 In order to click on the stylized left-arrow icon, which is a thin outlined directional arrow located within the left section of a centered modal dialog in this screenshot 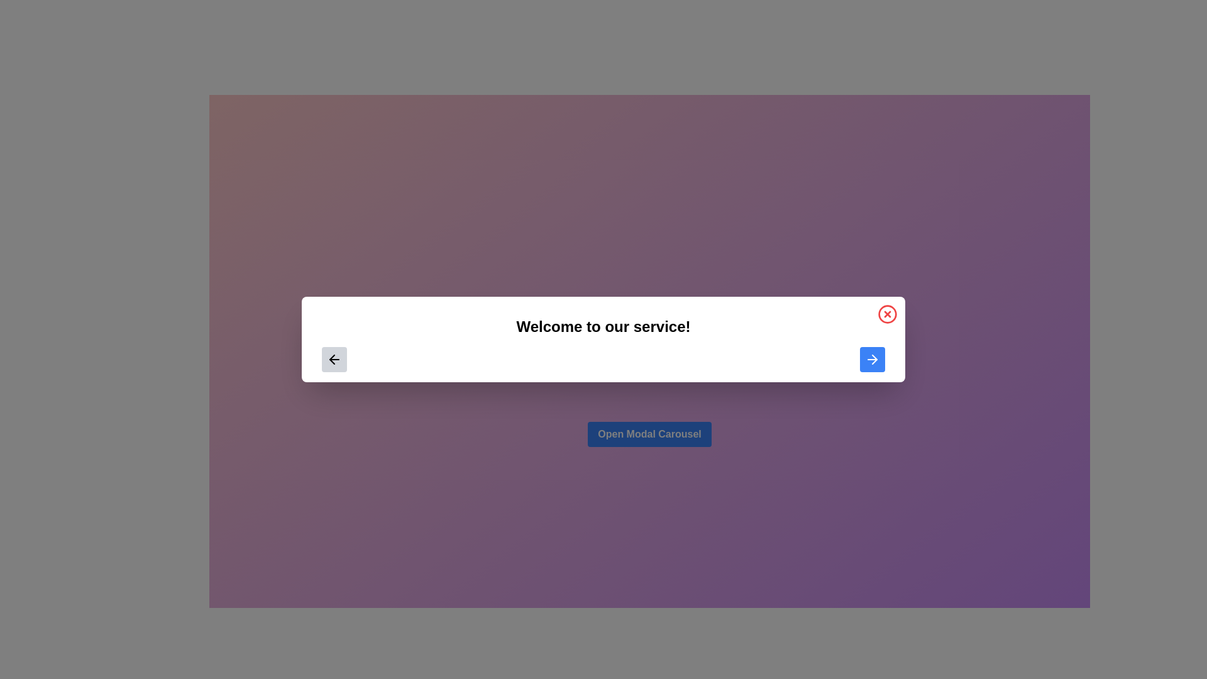, I will do `click(332, 359)`.